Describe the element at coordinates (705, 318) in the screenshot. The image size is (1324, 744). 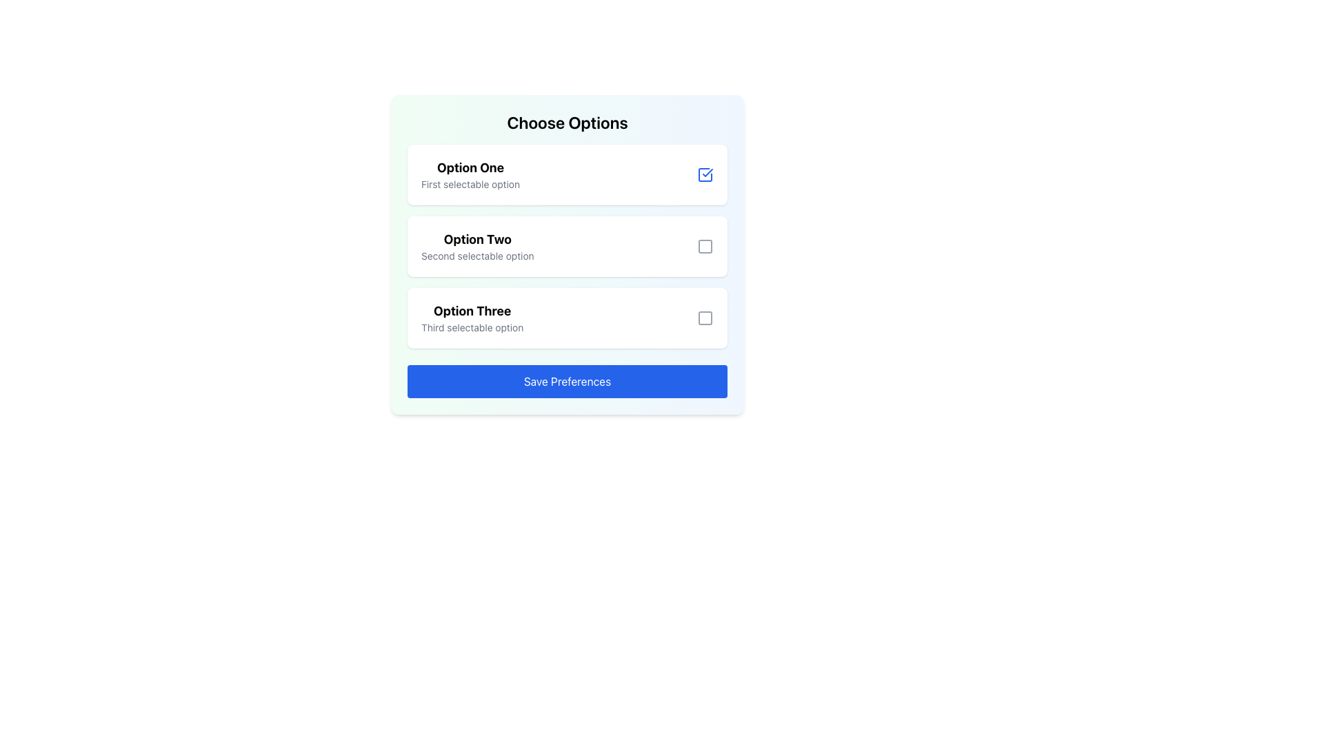
I see `the graphical icon or checkbox located in the third option box titled 'Option Three'` at that location.